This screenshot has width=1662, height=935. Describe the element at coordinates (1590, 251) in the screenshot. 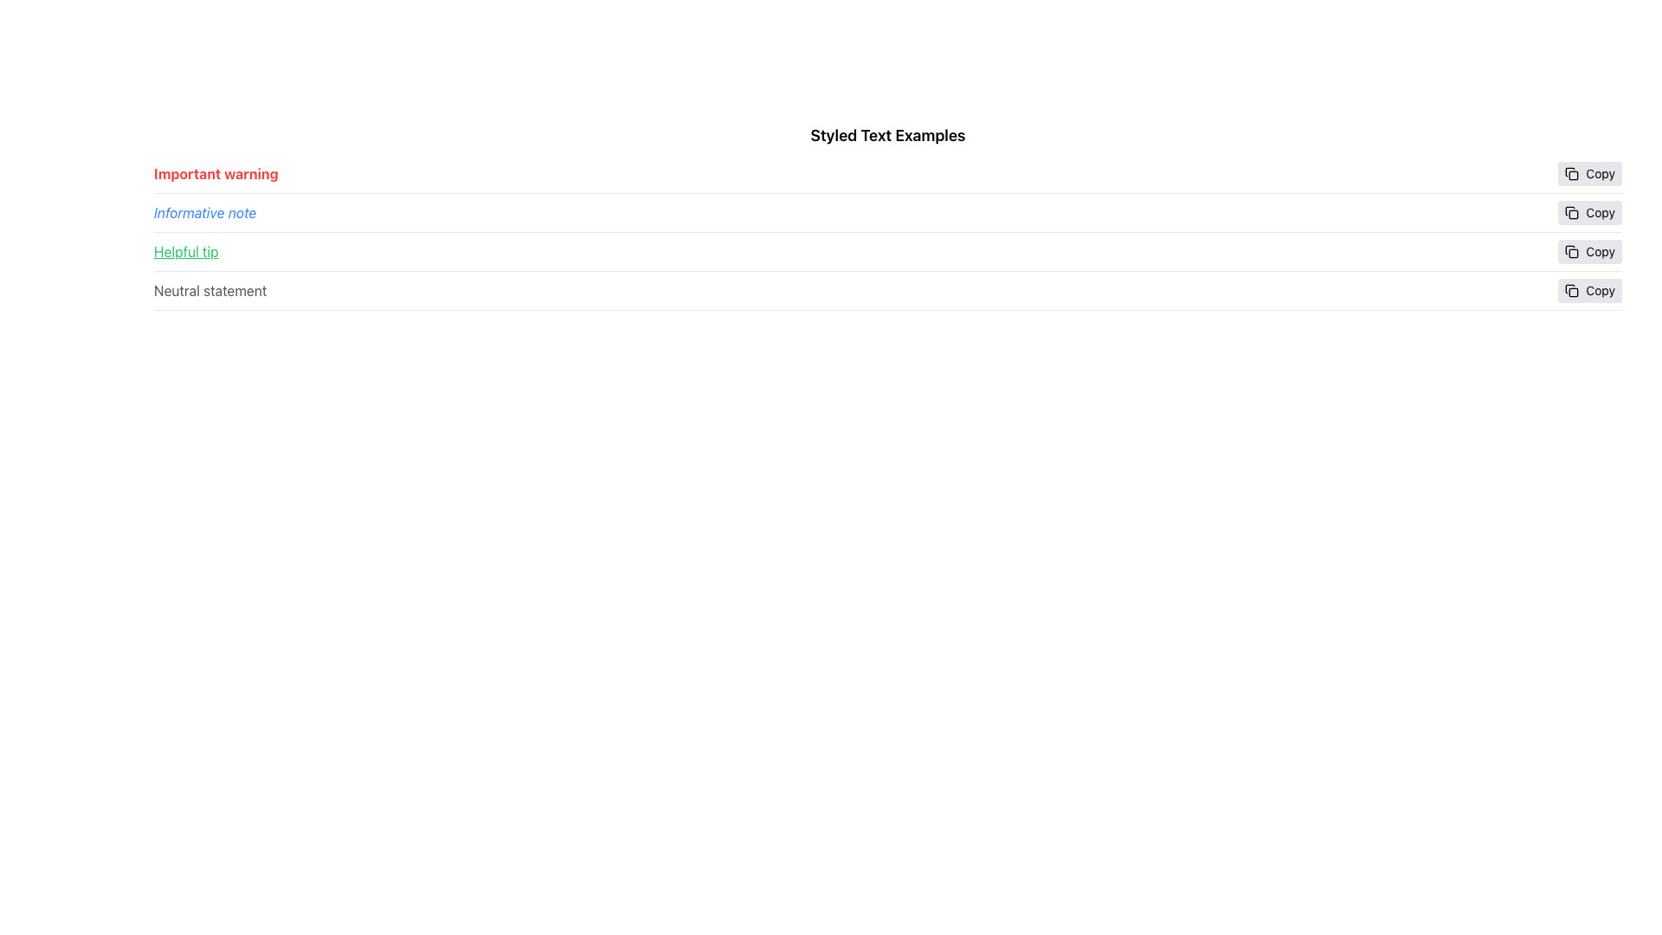

I see `the 'Copy' button, which has a light gray background and is labeled with black text, to observe any hover effects` at that location.